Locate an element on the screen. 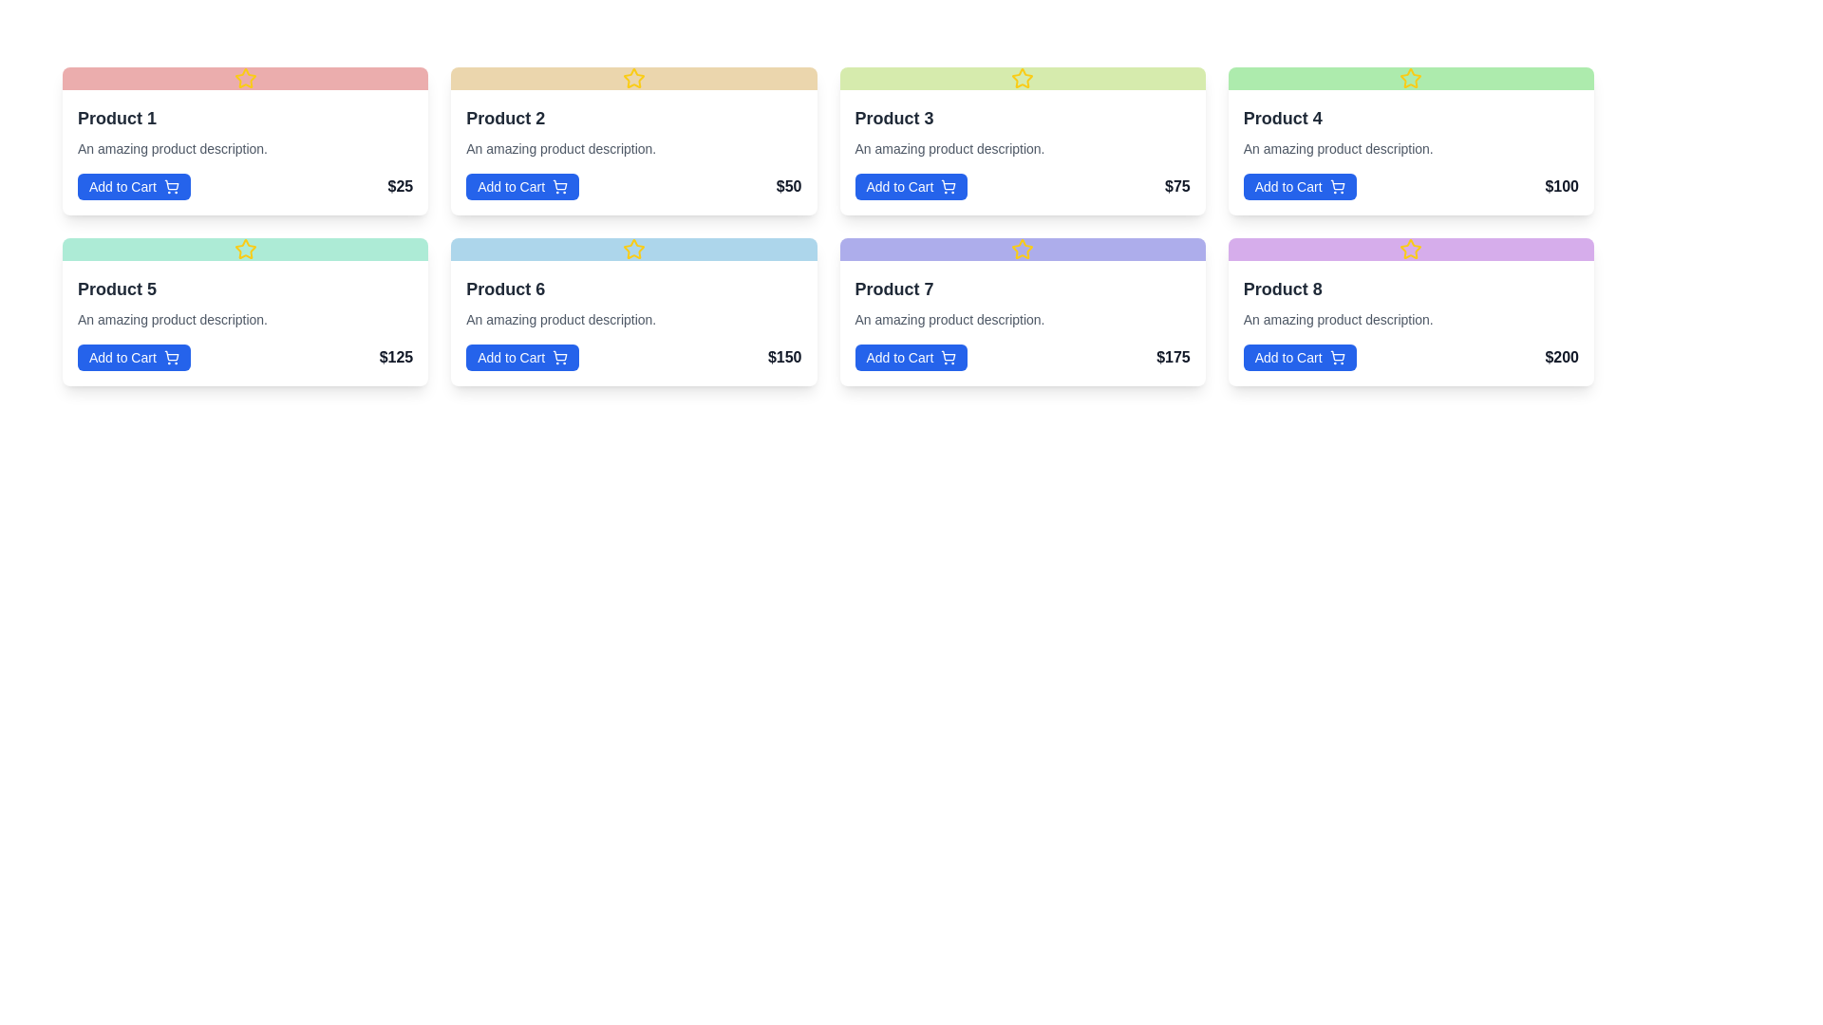 The width and height of the screenshot is (1823, 1025). the shopping cart icon within the 'Add to Cart' button of the 'Product 5' card, which is represented as an SVG image with distinct round wheels is located at coordinates (171, 355).